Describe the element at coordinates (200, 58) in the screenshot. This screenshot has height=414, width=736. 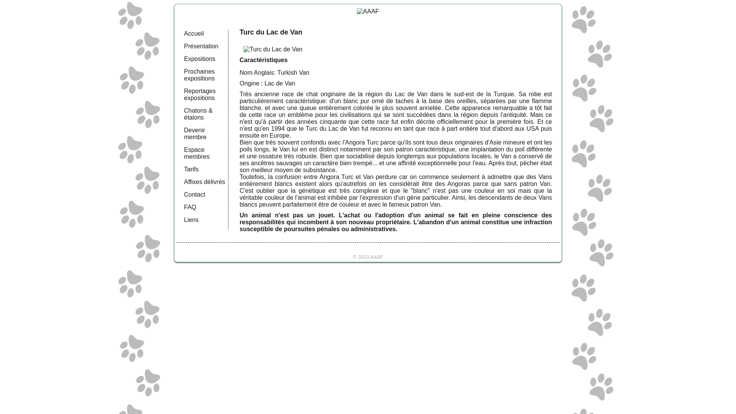
I see `'Expositions'` at that location.